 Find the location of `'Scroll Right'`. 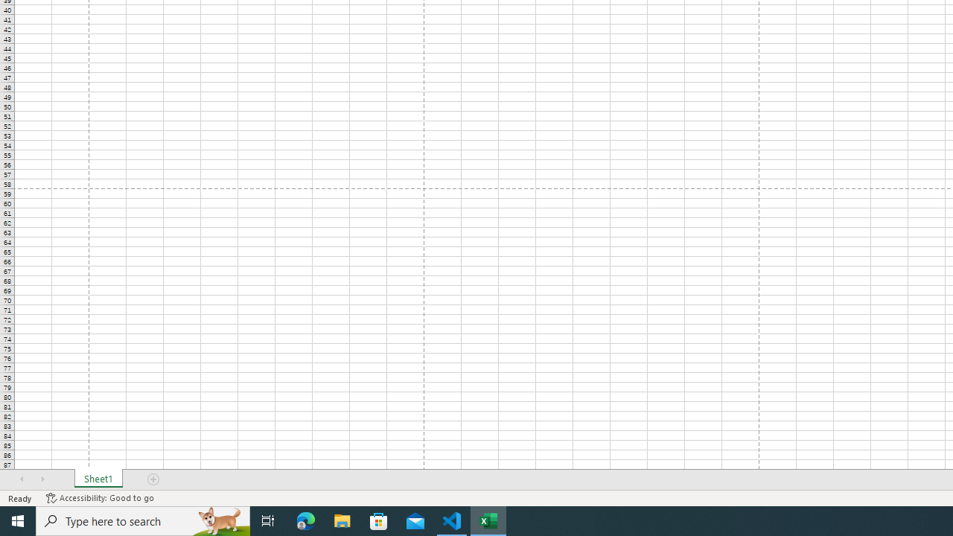

'Scroll Right' is located at coordinates (42, 479).